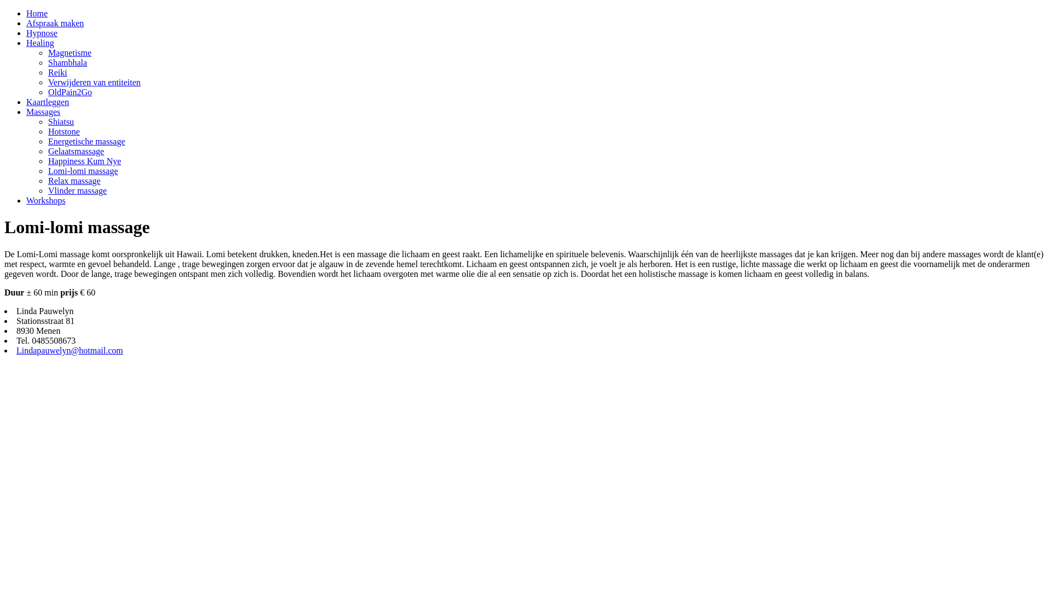  What do you see at coordinates (40, 42) in the screenshot?
I see `'Healing'` at bounding box center [40, 42].